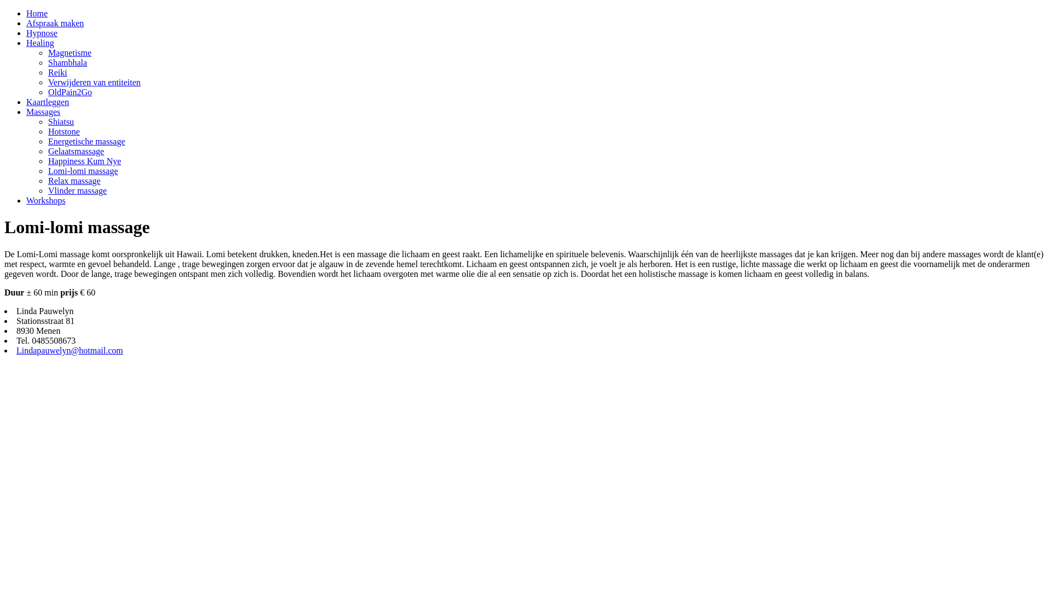  What do you see at coordinates (40, 42) in the screenshot?
I see `'Healing'` at bounding box center [40, 42].